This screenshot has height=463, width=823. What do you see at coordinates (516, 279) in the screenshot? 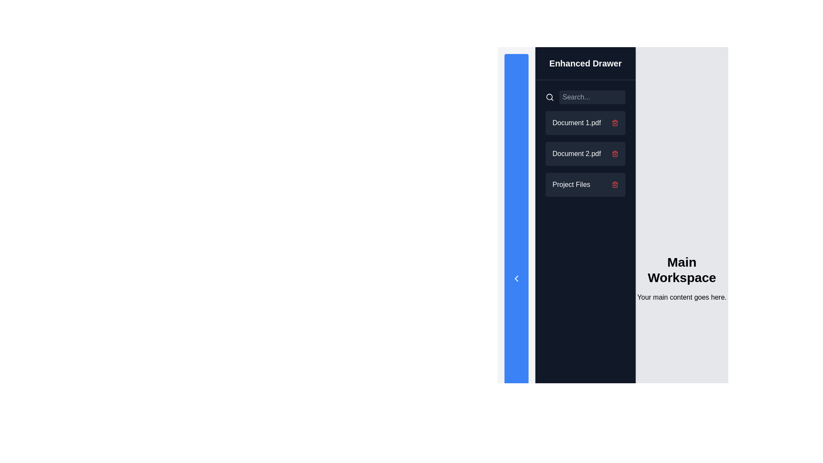
I see `the leftward-pointing chevron icon within the blue sidebar for accessibility purposes` at bounding box center [516, 279].